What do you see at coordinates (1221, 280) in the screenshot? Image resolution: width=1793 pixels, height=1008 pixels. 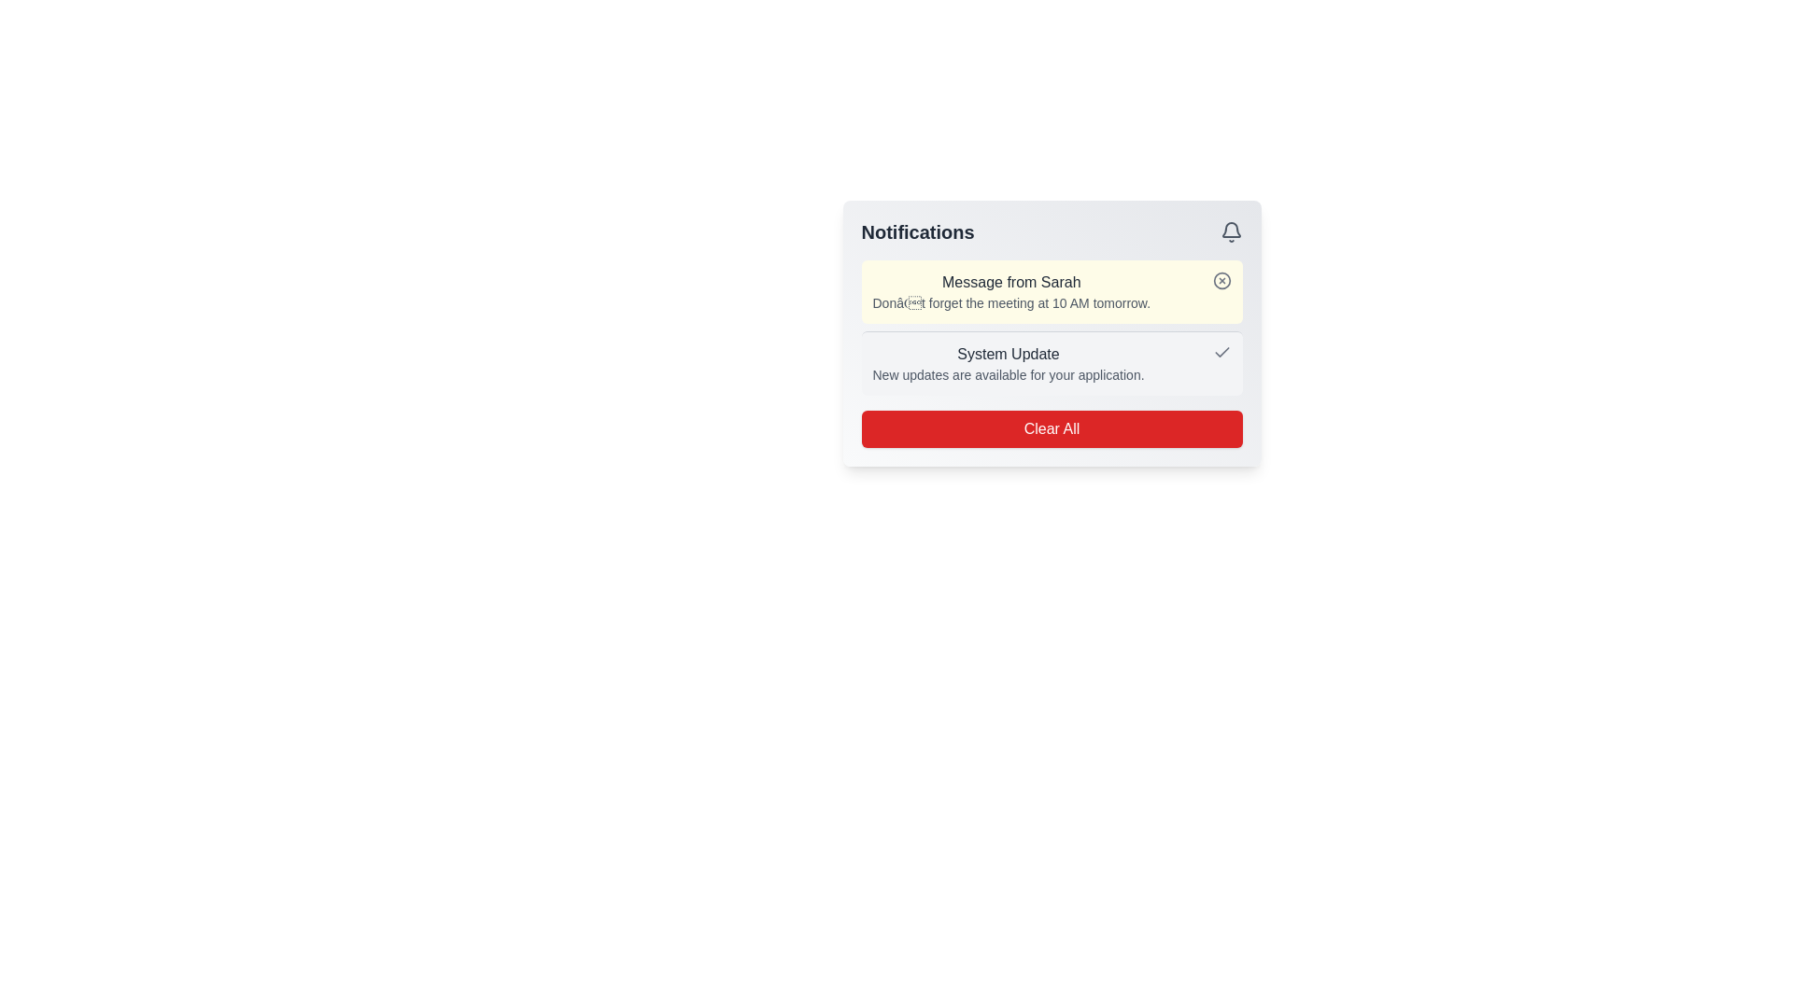 I see `the icon button located to the right of the notification titled 'Message from Sarah'` at bounding box center [1221, 280].